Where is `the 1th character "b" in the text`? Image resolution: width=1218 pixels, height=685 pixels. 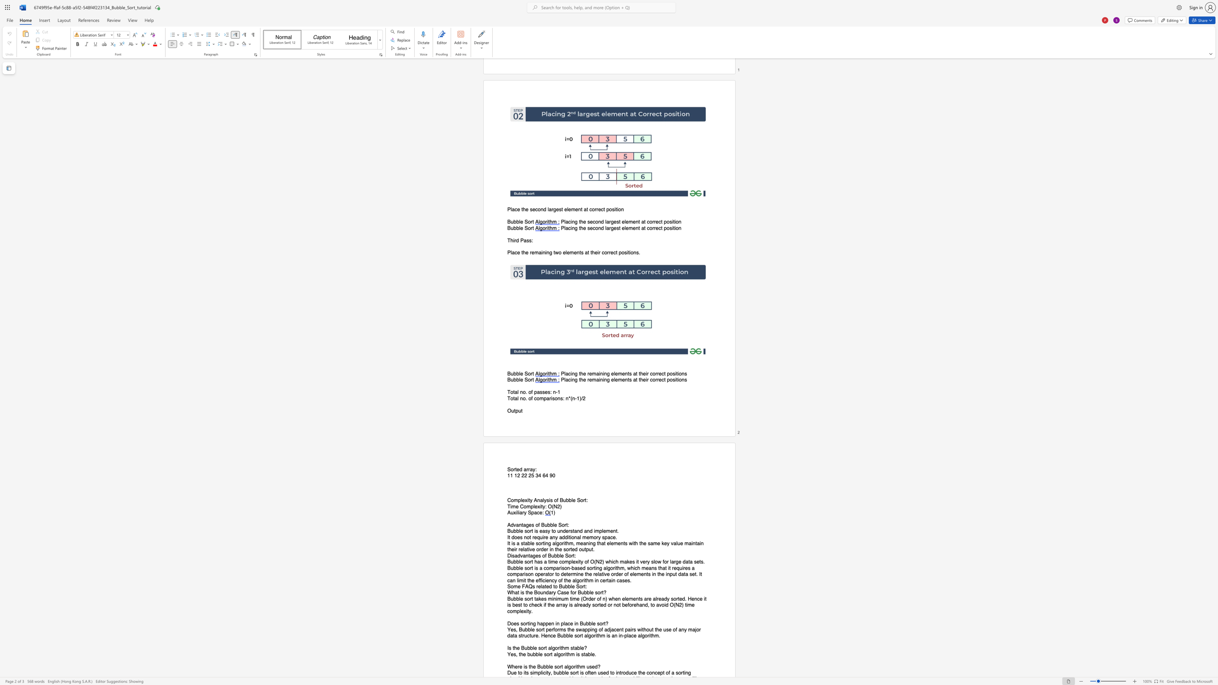 the 1th character "b" in the text is located at coordinates (514, 380).